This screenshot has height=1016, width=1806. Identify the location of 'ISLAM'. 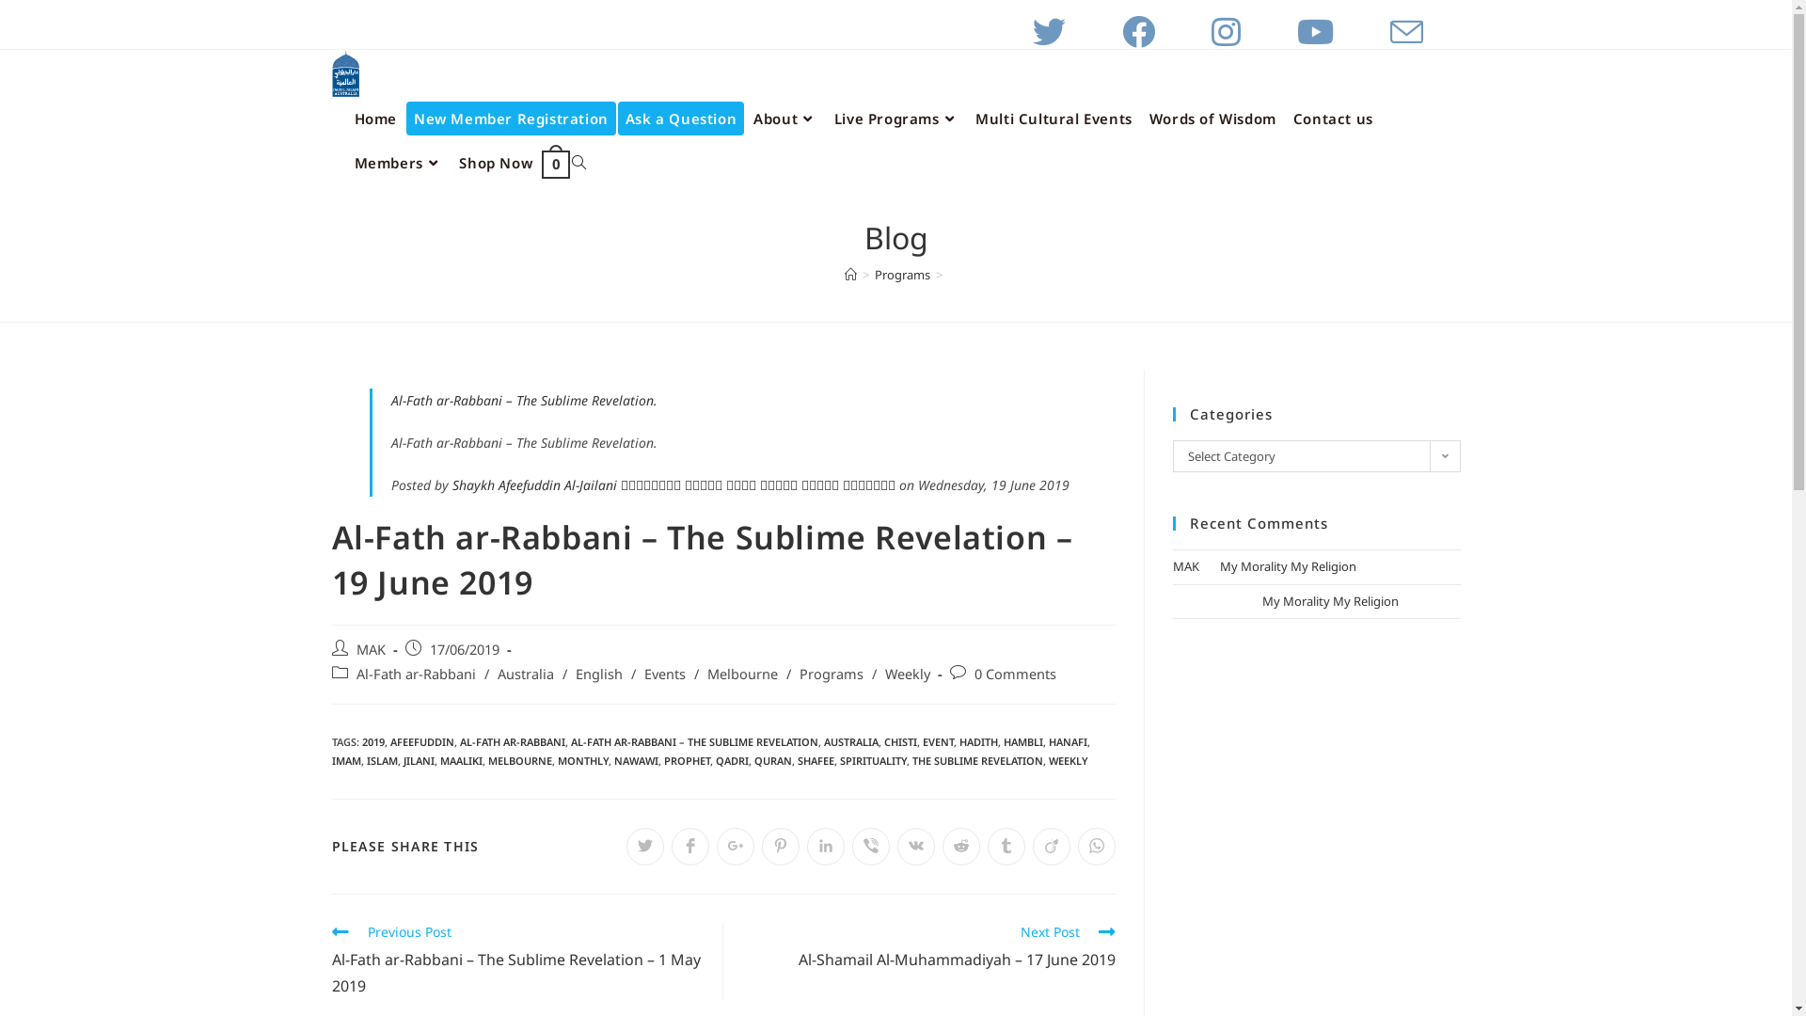
(381, 759).